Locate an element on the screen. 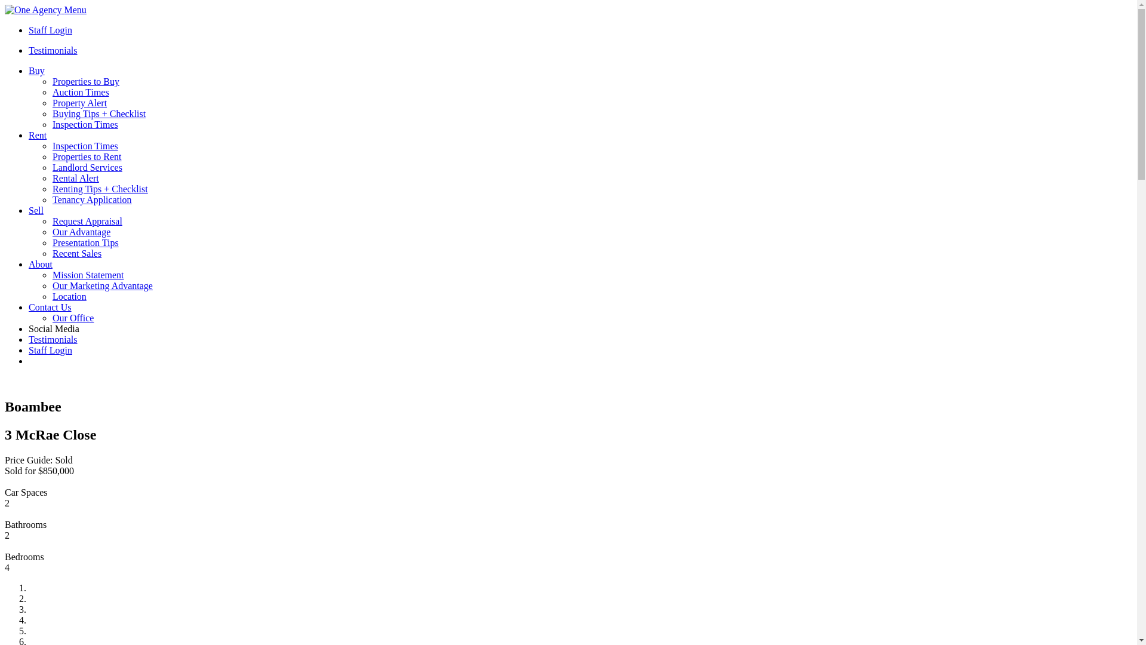 The height and width of the screenshot is (645, 1146). 'Property Alert' is located at coordinates (79, 102).